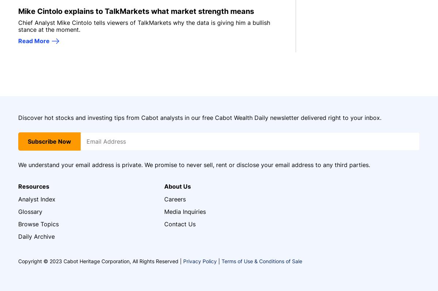 The image size is (438, 291). I want to click on 'Resources', so click(34, 186).